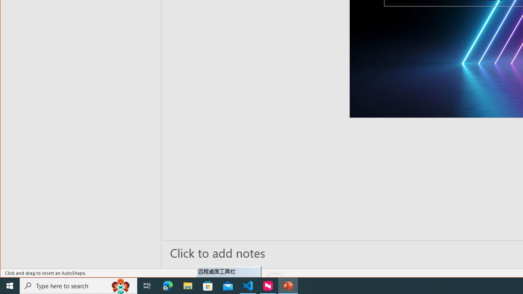 Image resolution: width=523 pixels, height=294 pixels. What do you see at coordinates (168, 285) in the screenshot?
I see `'Microsoft Edge'` at bounding box center [168, 285].